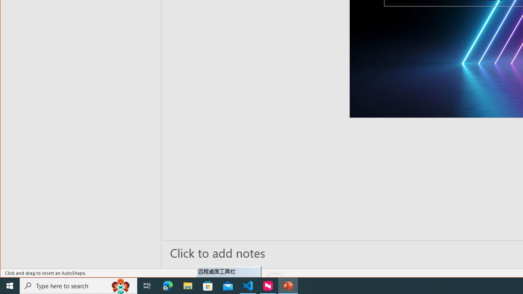 Image resolution: width=523 pixels, height=294 pixels. What do you see at coordinates (168, 285) in the screenshot?
I see `'Microsoft Edge'` at bounding box center [168, 285].